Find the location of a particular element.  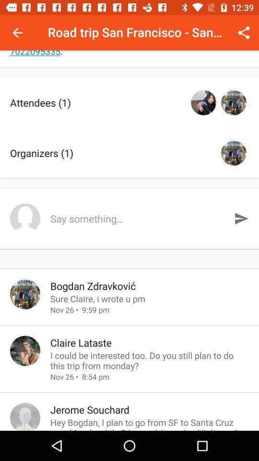

1 line text which is at the bottom of the page is located at coordinates (150, 423).